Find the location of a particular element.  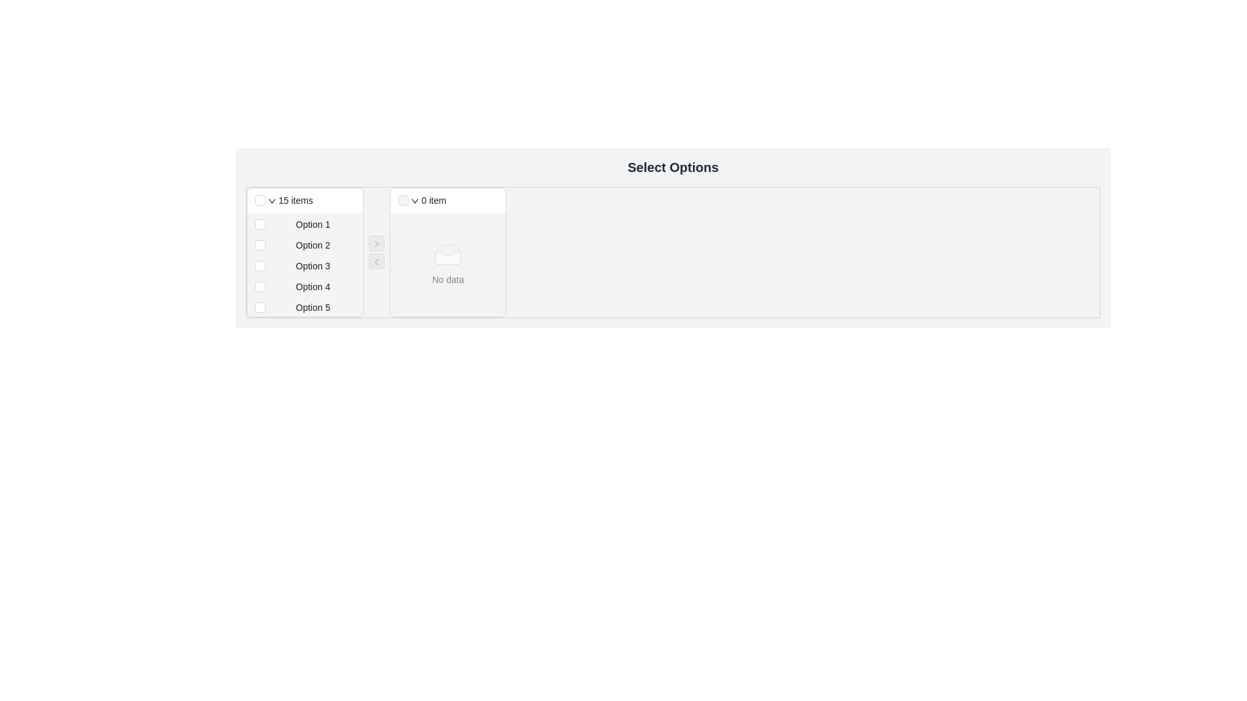

the checkbox in the header labeled '15 items' is located at coordinates (305, 201).